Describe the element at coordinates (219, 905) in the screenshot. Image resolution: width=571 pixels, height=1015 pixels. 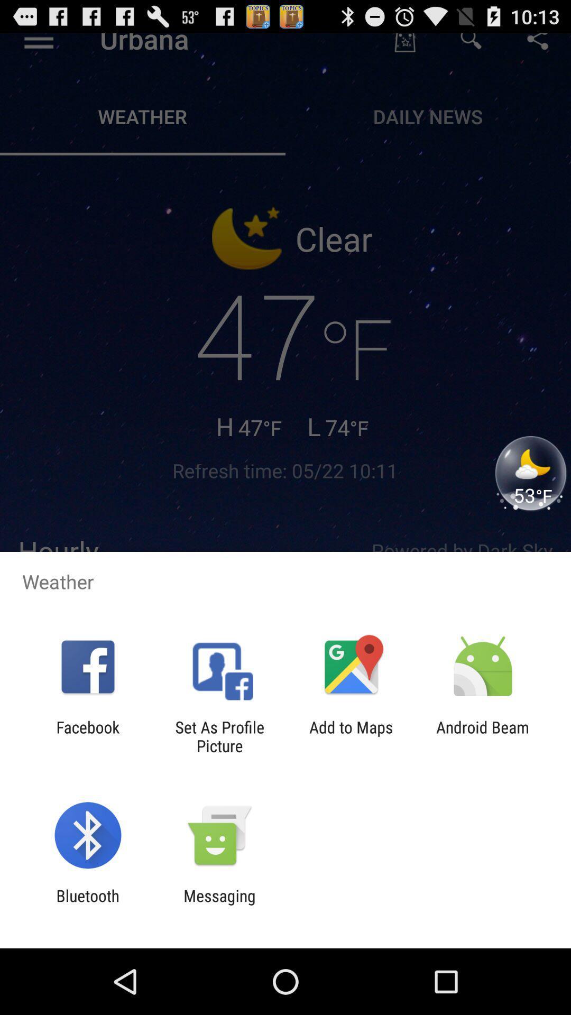
I see `the messaging` at that location.